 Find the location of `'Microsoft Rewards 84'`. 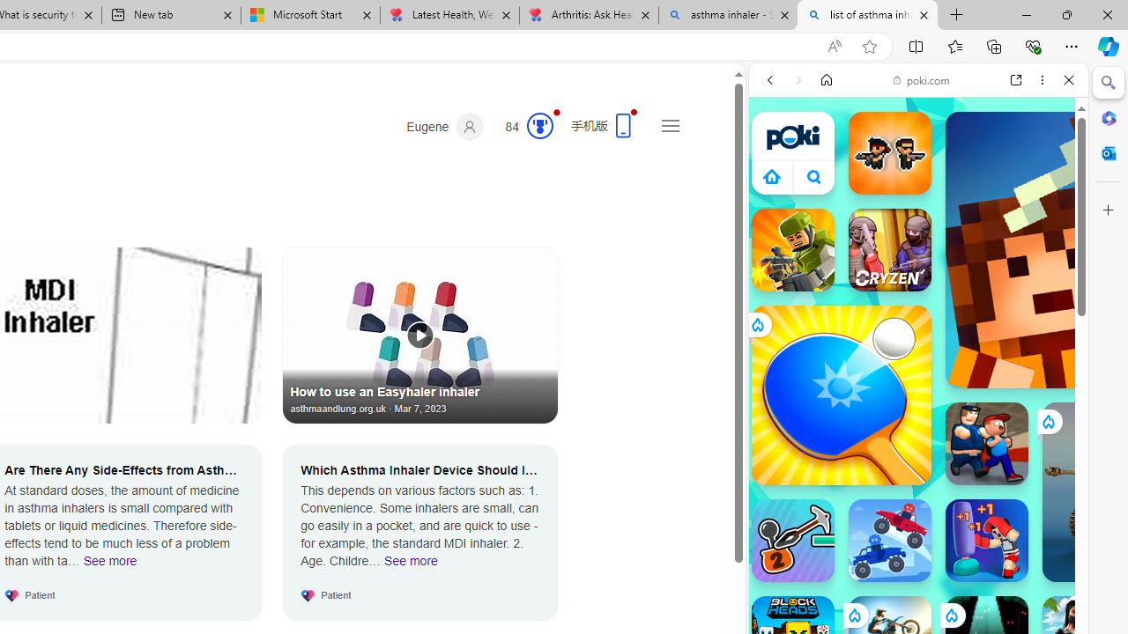

'Microsoft Rewards 84' is located at coordinates (523, 126).